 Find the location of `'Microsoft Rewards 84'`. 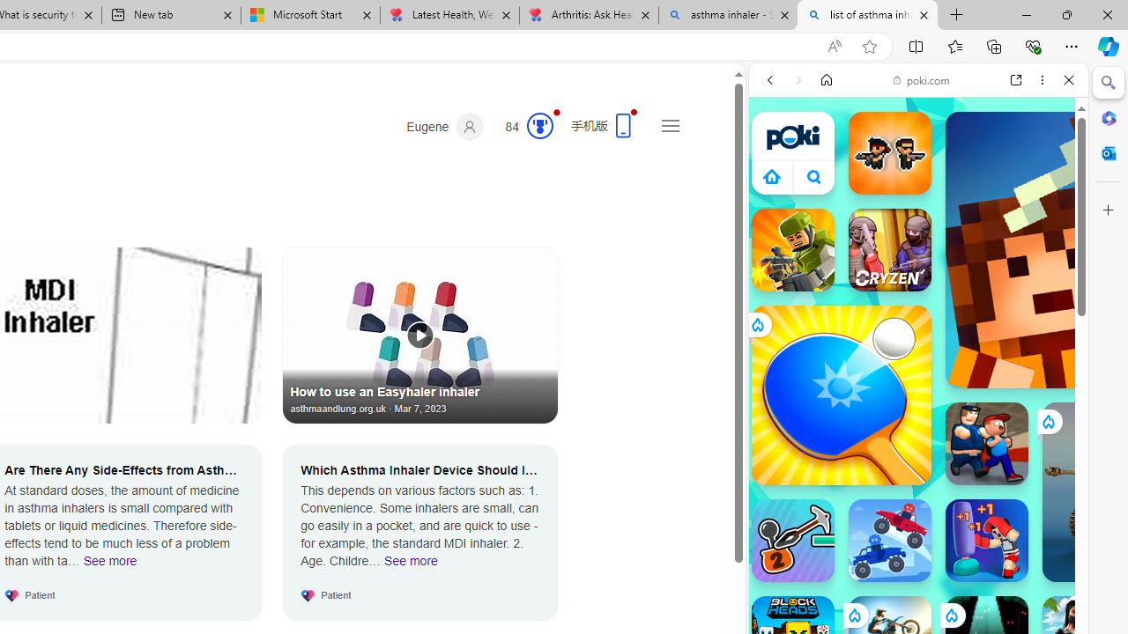

'Microsoft Rewards 84' is located at coordinates (523, 126).